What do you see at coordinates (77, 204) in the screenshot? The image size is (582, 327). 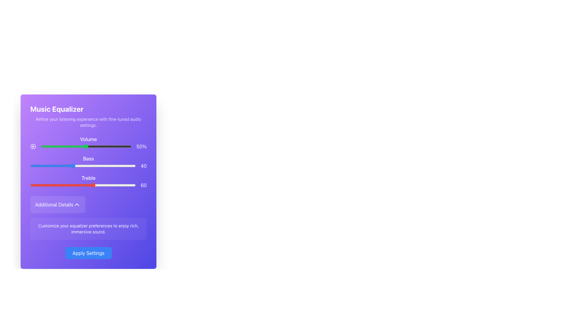 I see `the expandable/collapsible icon in the 'Additional Details' section of the Music Equalizer panel` at bounding box center [77, 204].